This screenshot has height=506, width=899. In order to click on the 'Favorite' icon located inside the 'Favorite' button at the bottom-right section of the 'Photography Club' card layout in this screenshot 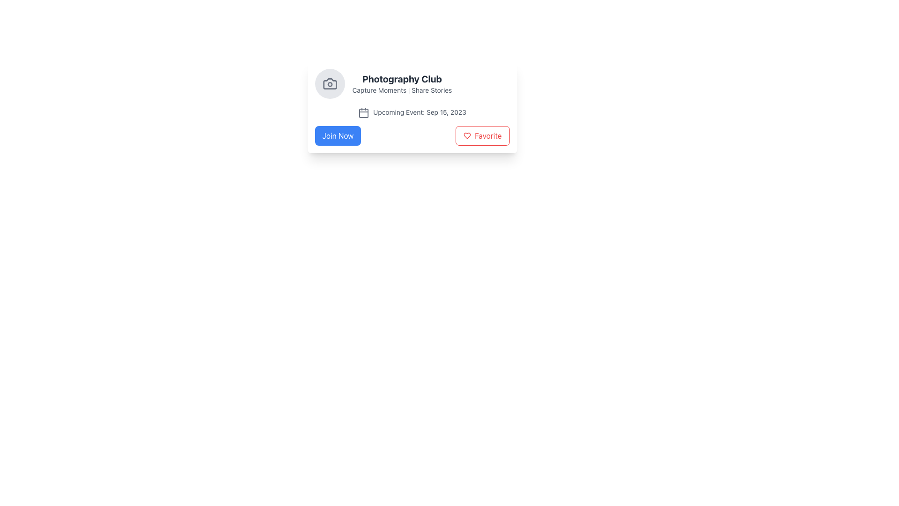, I will do `click(467, 135)`.